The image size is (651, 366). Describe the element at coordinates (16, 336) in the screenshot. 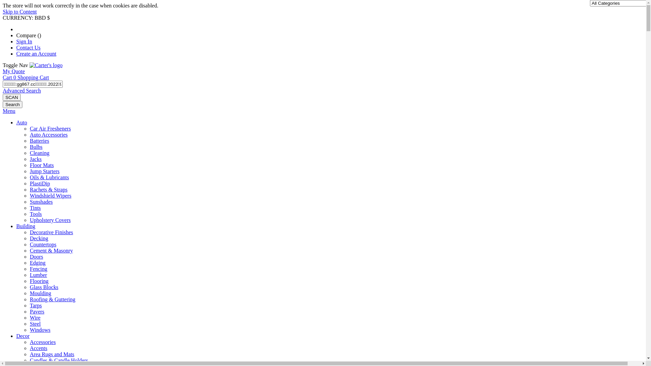

I see `'Decor'` at that location.